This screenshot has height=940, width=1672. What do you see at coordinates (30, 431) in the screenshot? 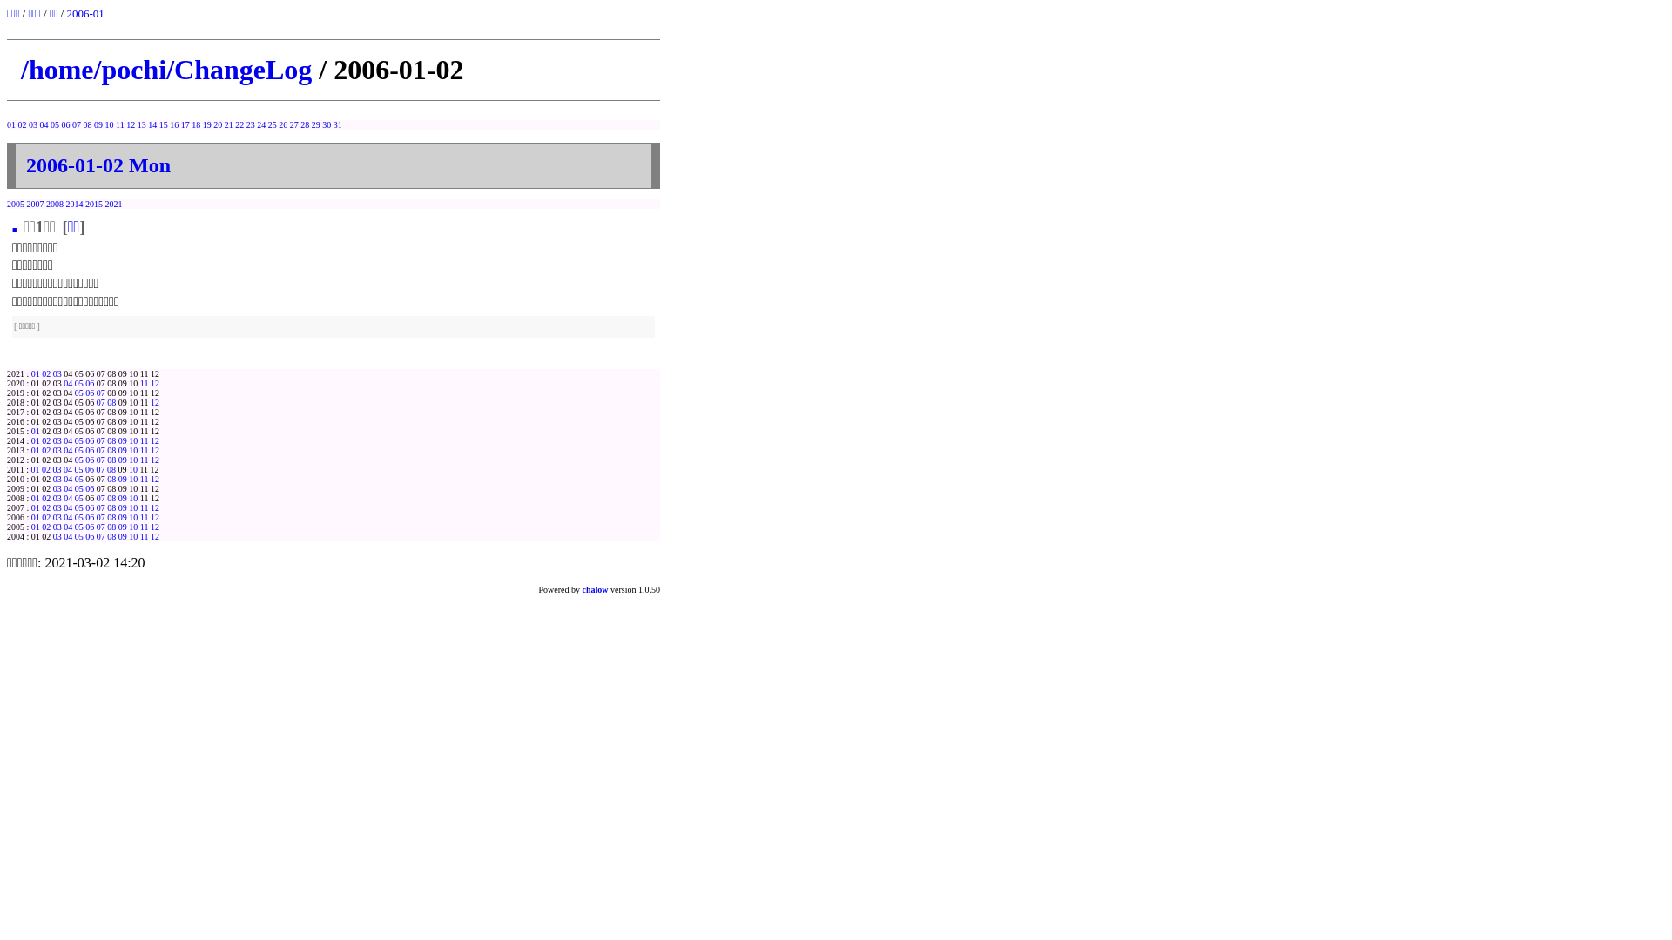
I see `'01'` at bounding box center [30, 431].